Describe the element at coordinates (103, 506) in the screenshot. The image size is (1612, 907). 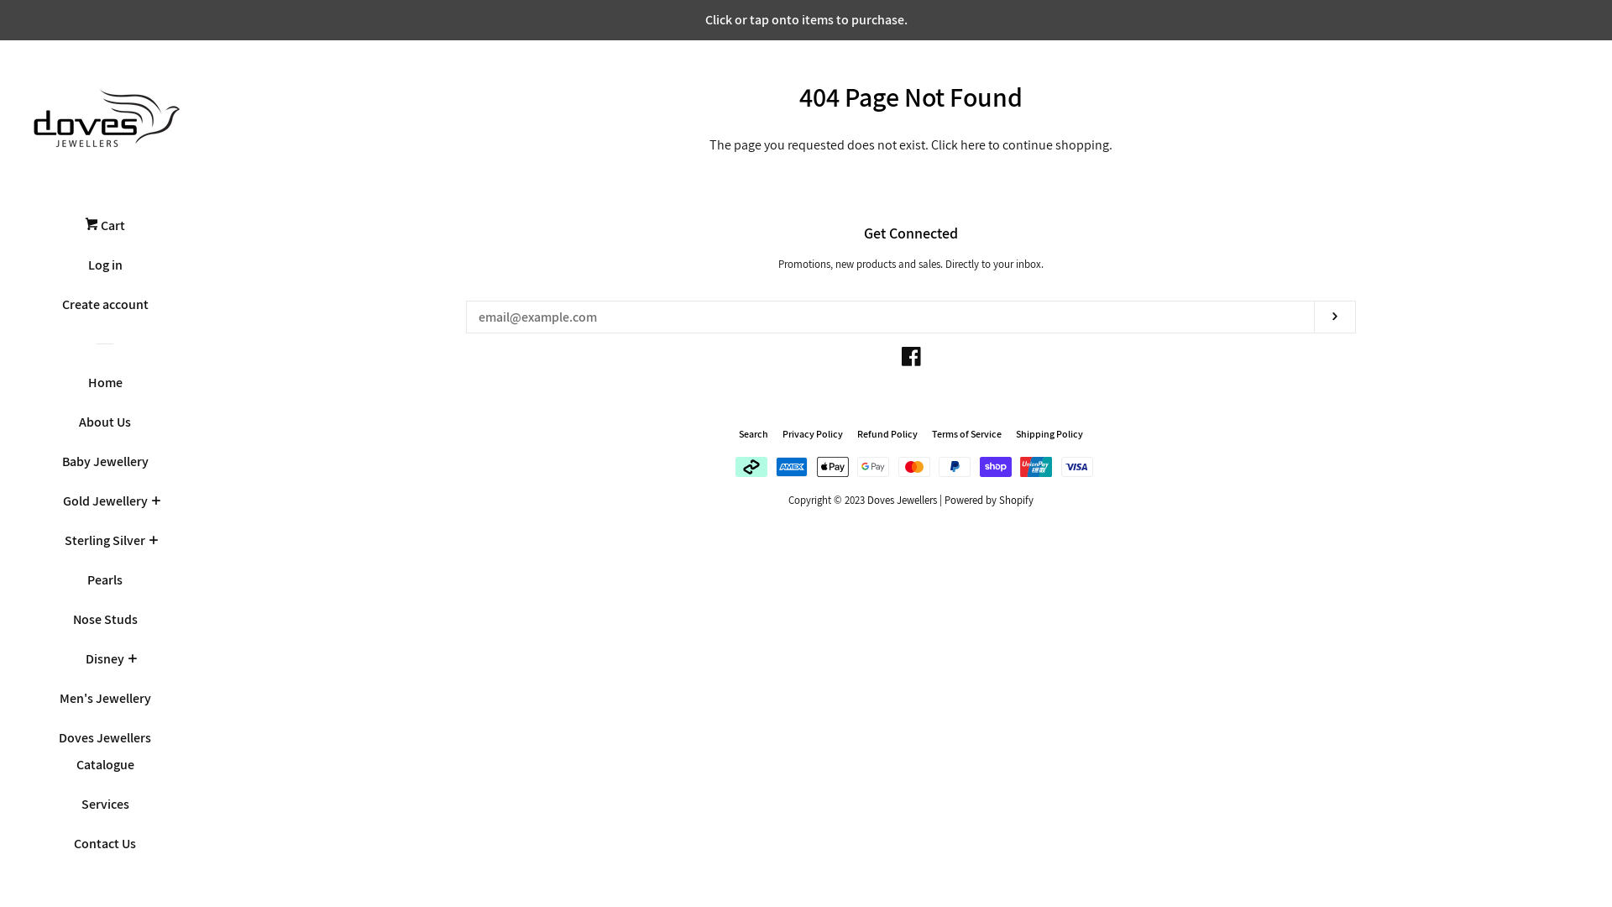
I see `'Gold Jewellery'` at that location.